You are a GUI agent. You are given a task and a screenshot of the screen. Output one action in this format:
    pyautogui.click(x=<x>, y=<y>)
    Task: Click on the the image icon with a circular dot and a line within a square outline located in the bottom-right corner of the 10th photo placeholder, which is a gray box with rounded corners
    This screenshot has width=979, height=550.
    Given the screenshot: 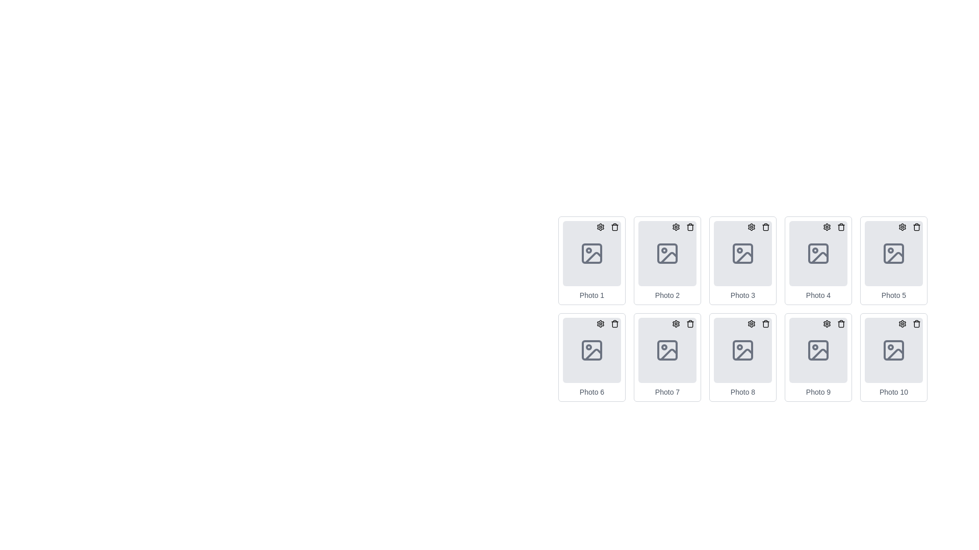 What is the action you would take?
    pyautogui.click(x=893, y=349)
    